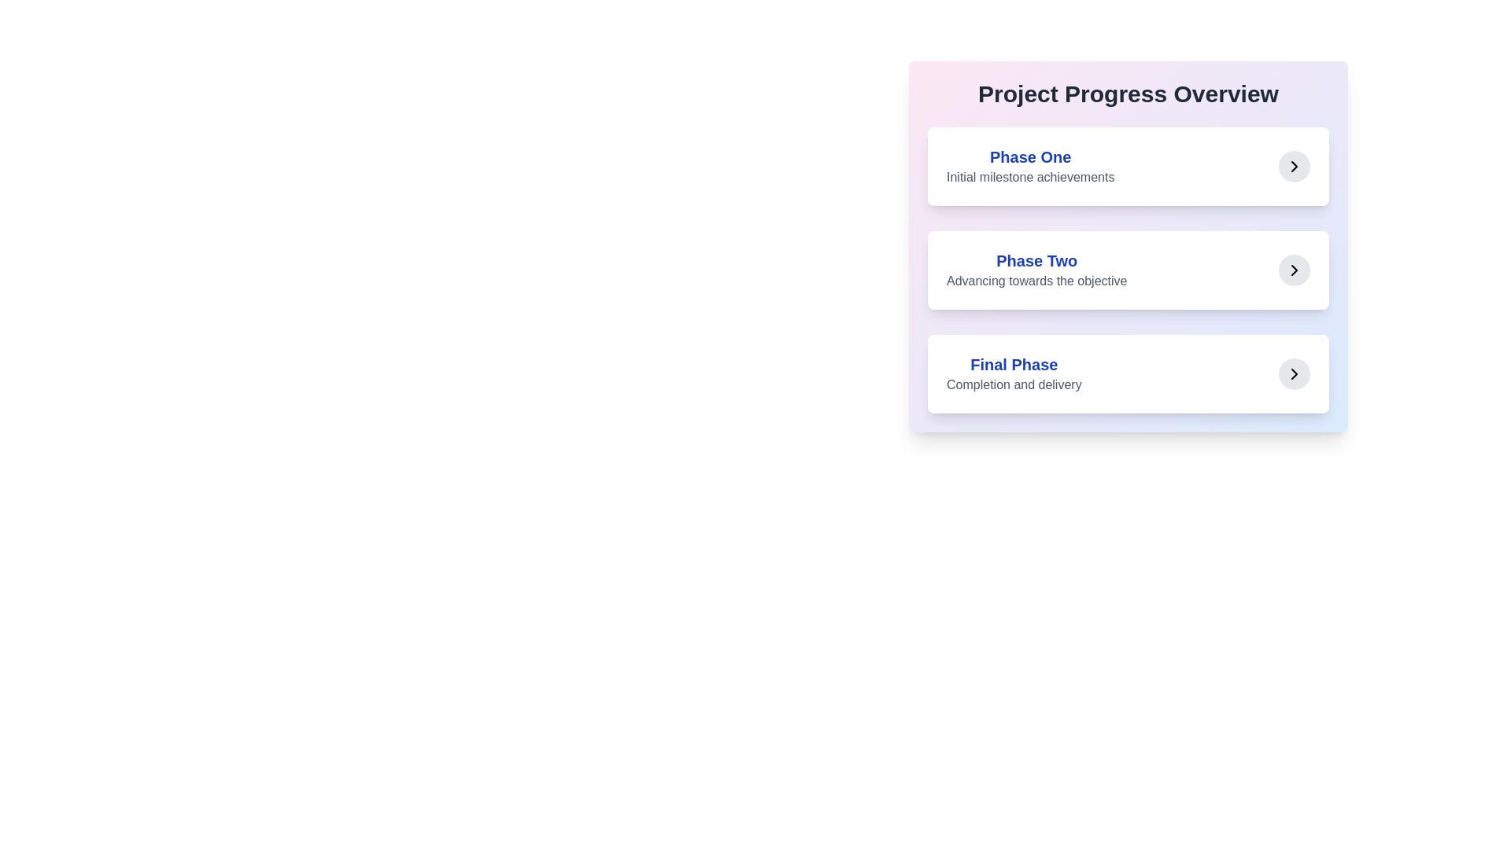  Describe the element at coordinates (1036, 269) in the screenshot. I see `the descriptive Text block for the second phase of the project, located under the panel titled 'Project Progress Overview'` at that location.